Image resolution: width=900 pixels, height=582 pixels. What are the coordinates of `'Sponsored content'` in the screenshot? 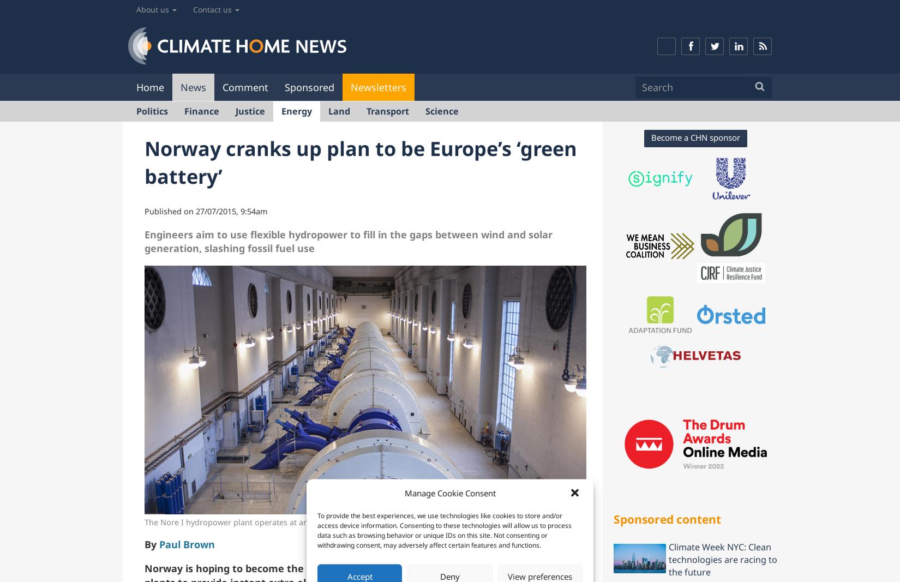 It's located at (667, 518).